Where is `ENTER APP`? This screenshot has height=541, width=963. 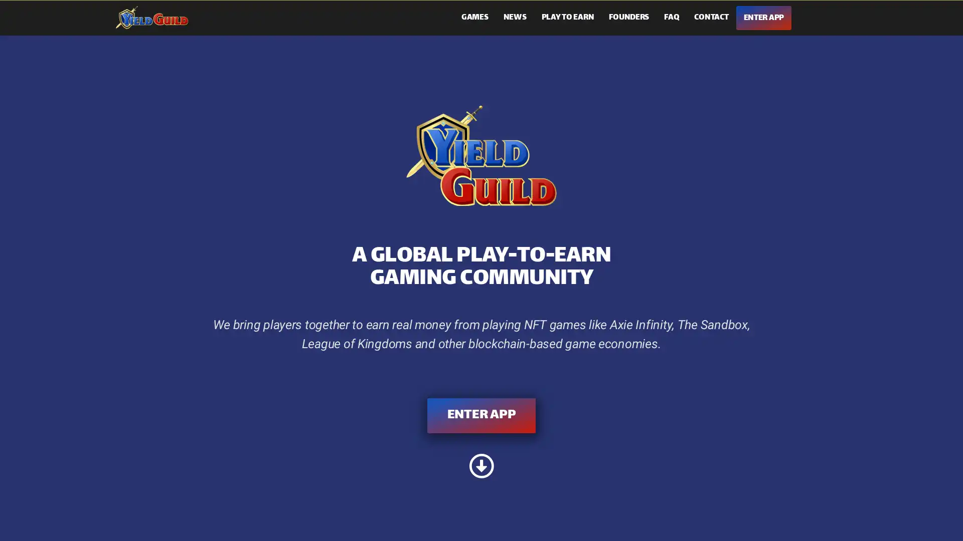
ENTER APP is located at coordinates (480, 415).